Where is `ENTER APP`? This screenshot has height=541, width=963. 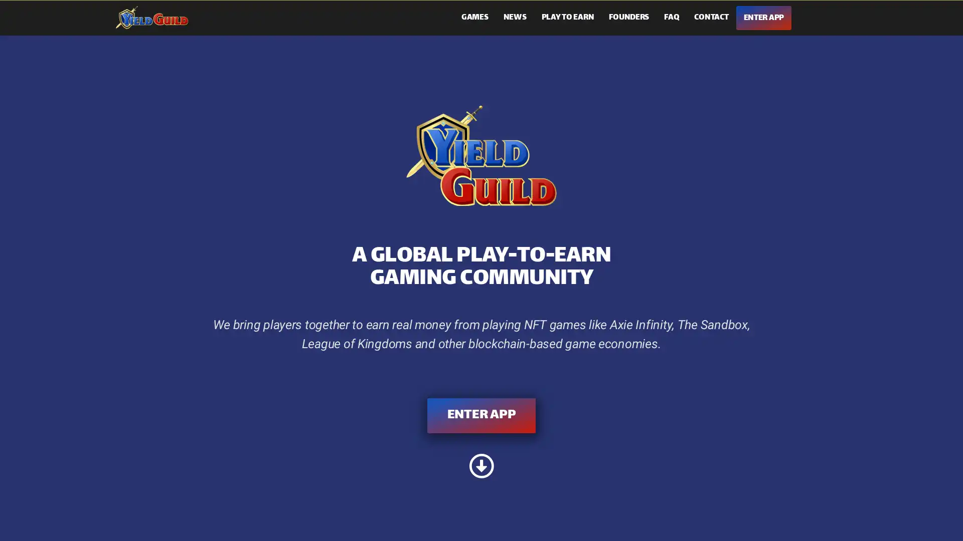
ENTER APP is located at coordinates (480, 415).